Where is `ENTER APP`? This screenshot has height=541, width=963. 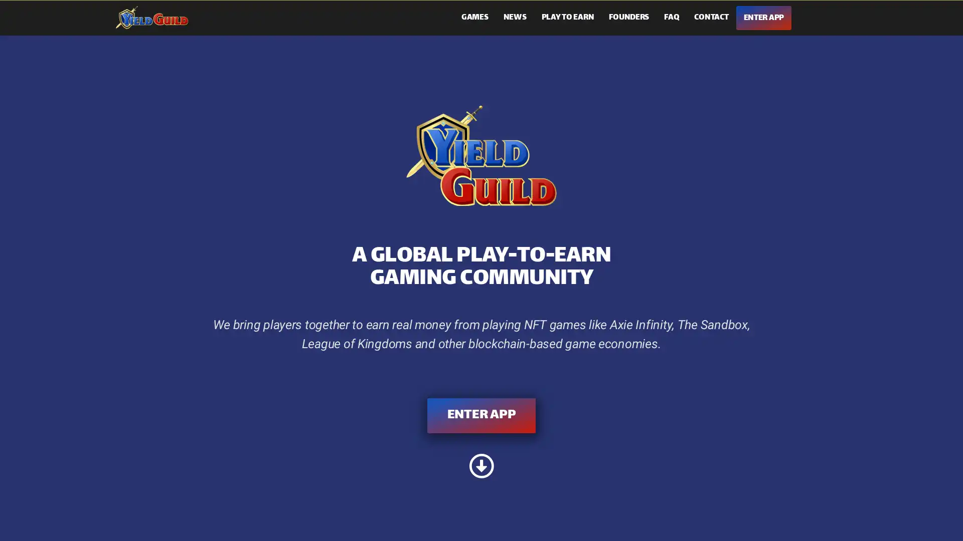
ENTER APP is located at coordinates (480, 415).